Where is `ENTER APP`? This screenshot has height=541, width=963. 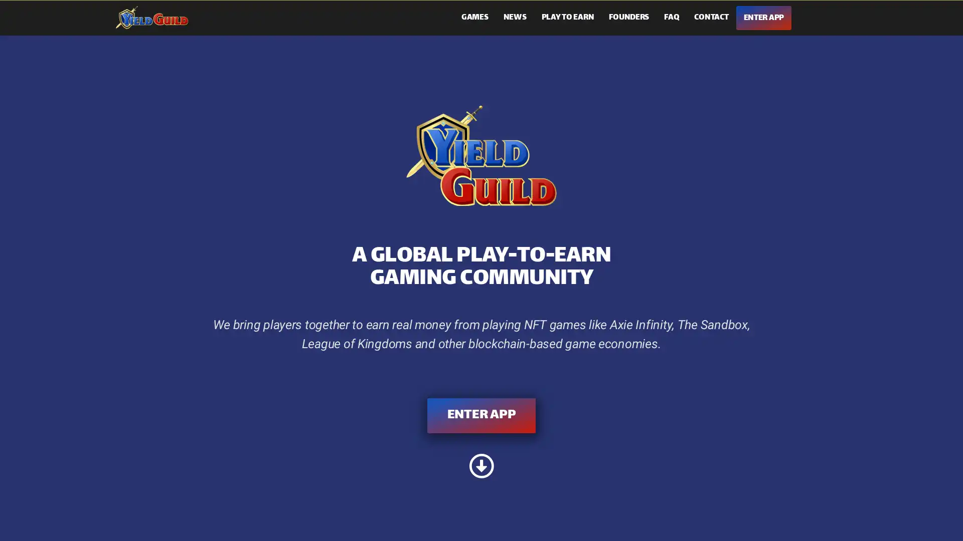
ENTER APP is located at coordinates (480, 415).